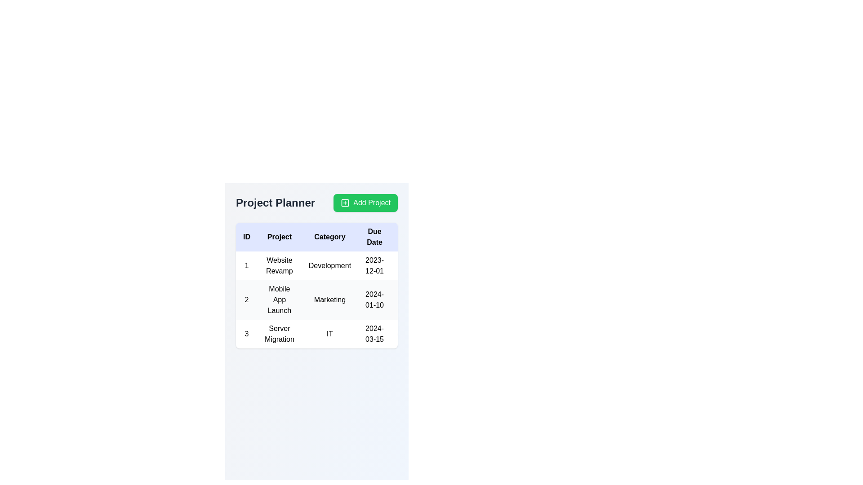  What do you see at coordinates (329, 300) in the screenshot?
I see `the Text Display Field that displays the category 'Marketing' in the third column of the second row of the table` at bounding box center [329, 300].